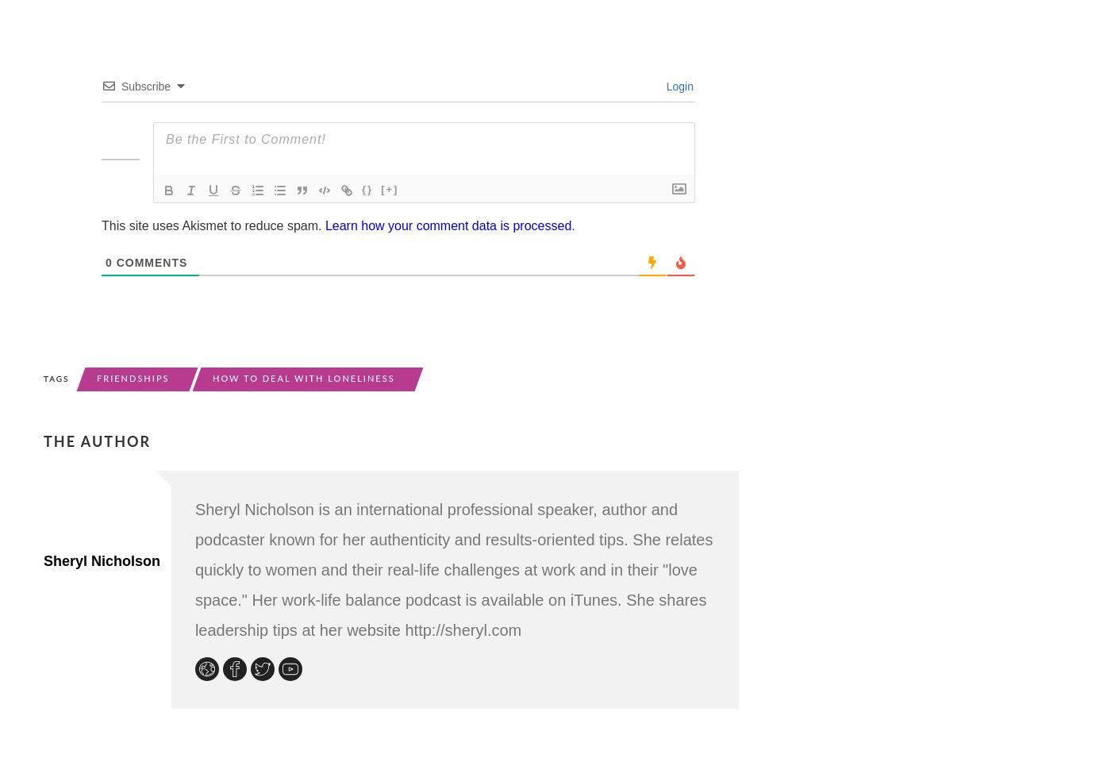 This screenshot has width=1111, height=766. Describe the element at coordinates (367, 187) in the screenshot. I see `'{}'` at that location.